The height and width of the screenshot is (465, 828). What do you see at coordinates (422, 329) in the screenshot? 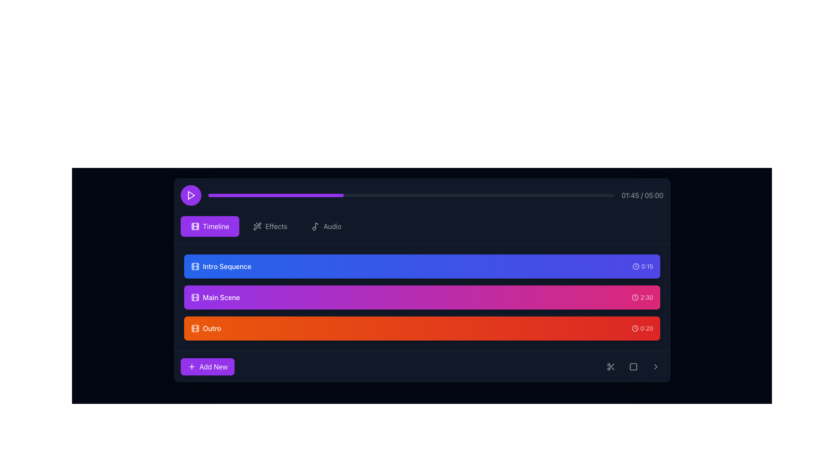
I see `the 'Outro' button-like section indicator, which has a gradient background and is the third item in the list` at bounding box center [422, 329].